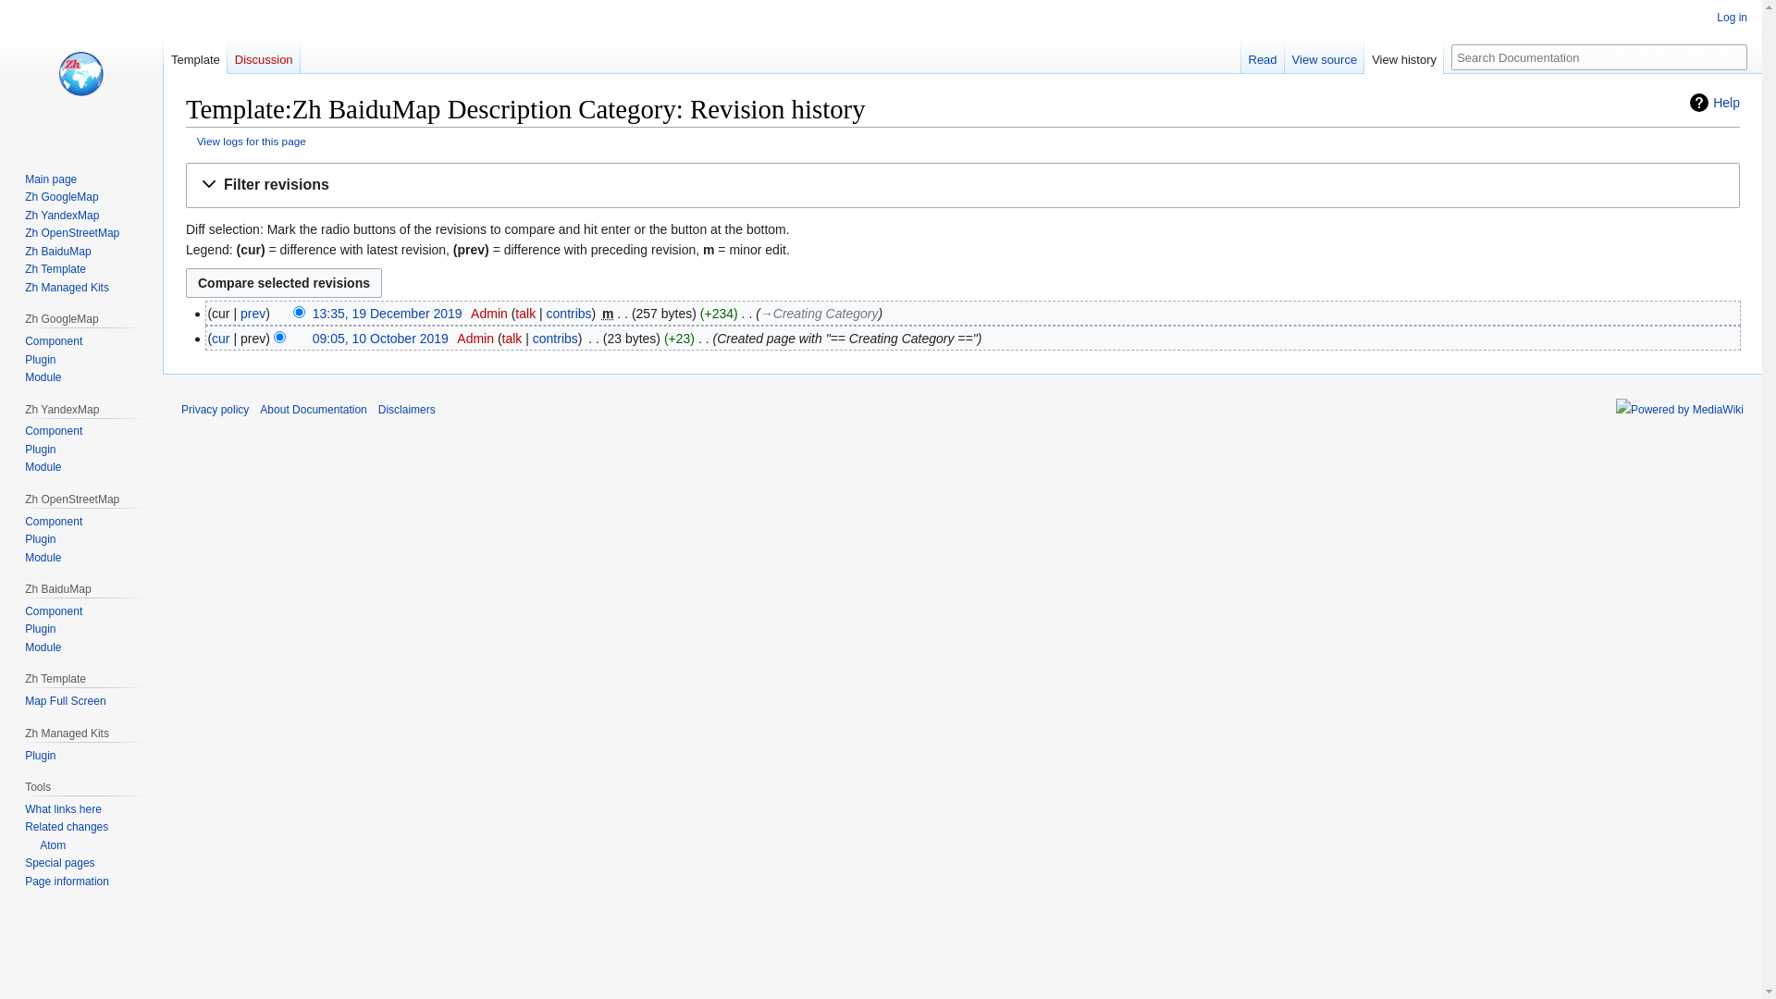 The image size is (1776, 999). What do you see at coordinates (283, 282) in the screenshot?
I see `'Compare selected revisions'` at bounding box center [283, 282].